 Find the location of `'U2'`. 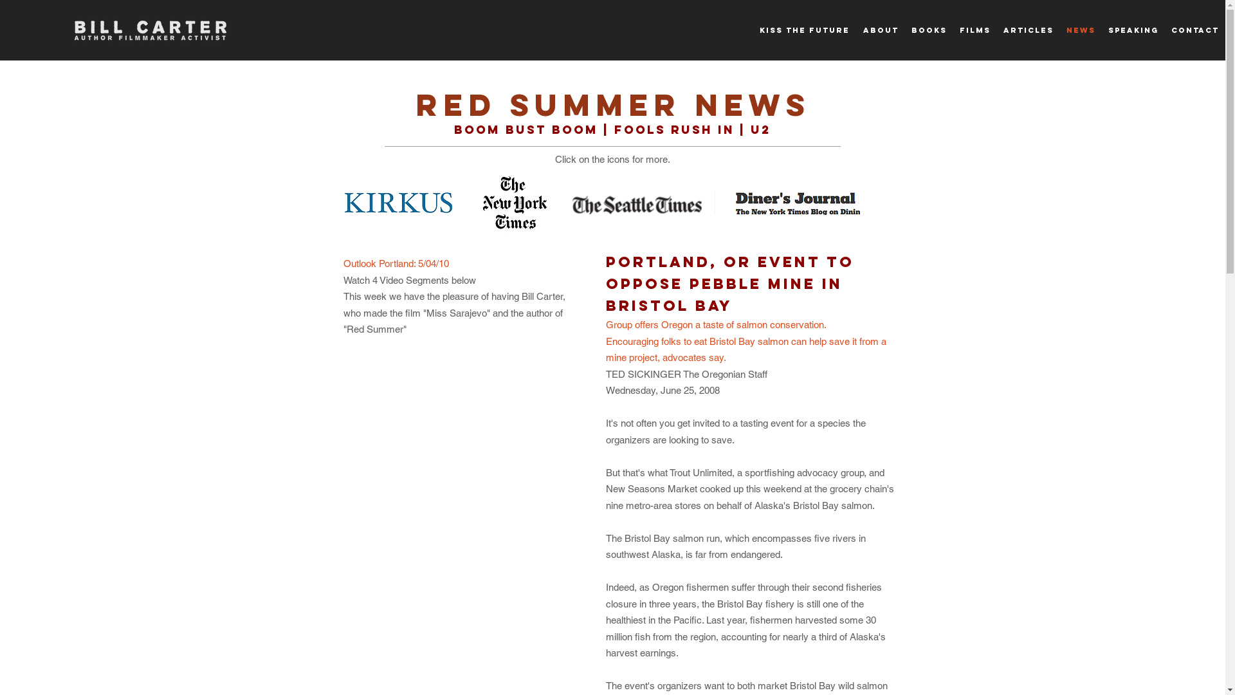

'U2' is located at coordinates (760, 129).